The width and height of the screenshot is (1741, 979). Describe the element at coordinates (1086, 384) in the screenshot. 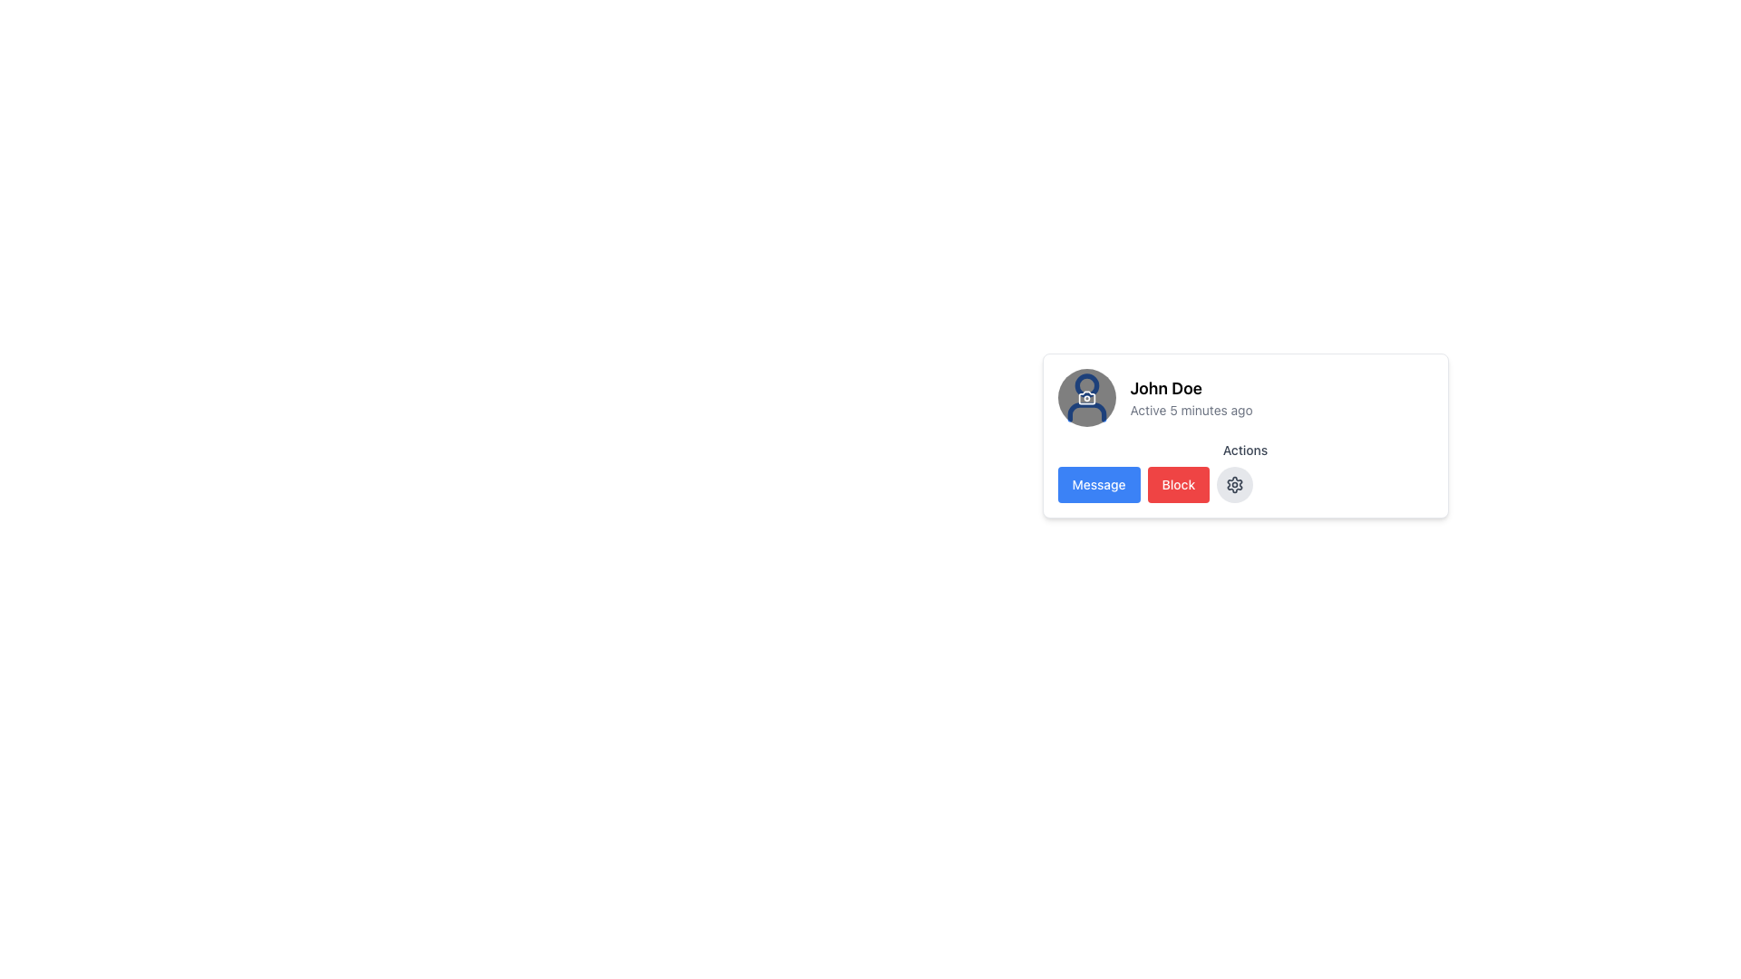

I see `the small circular user profile icon, which is dark blue and located at the top of the user profile card, centered above the text section` at that location.